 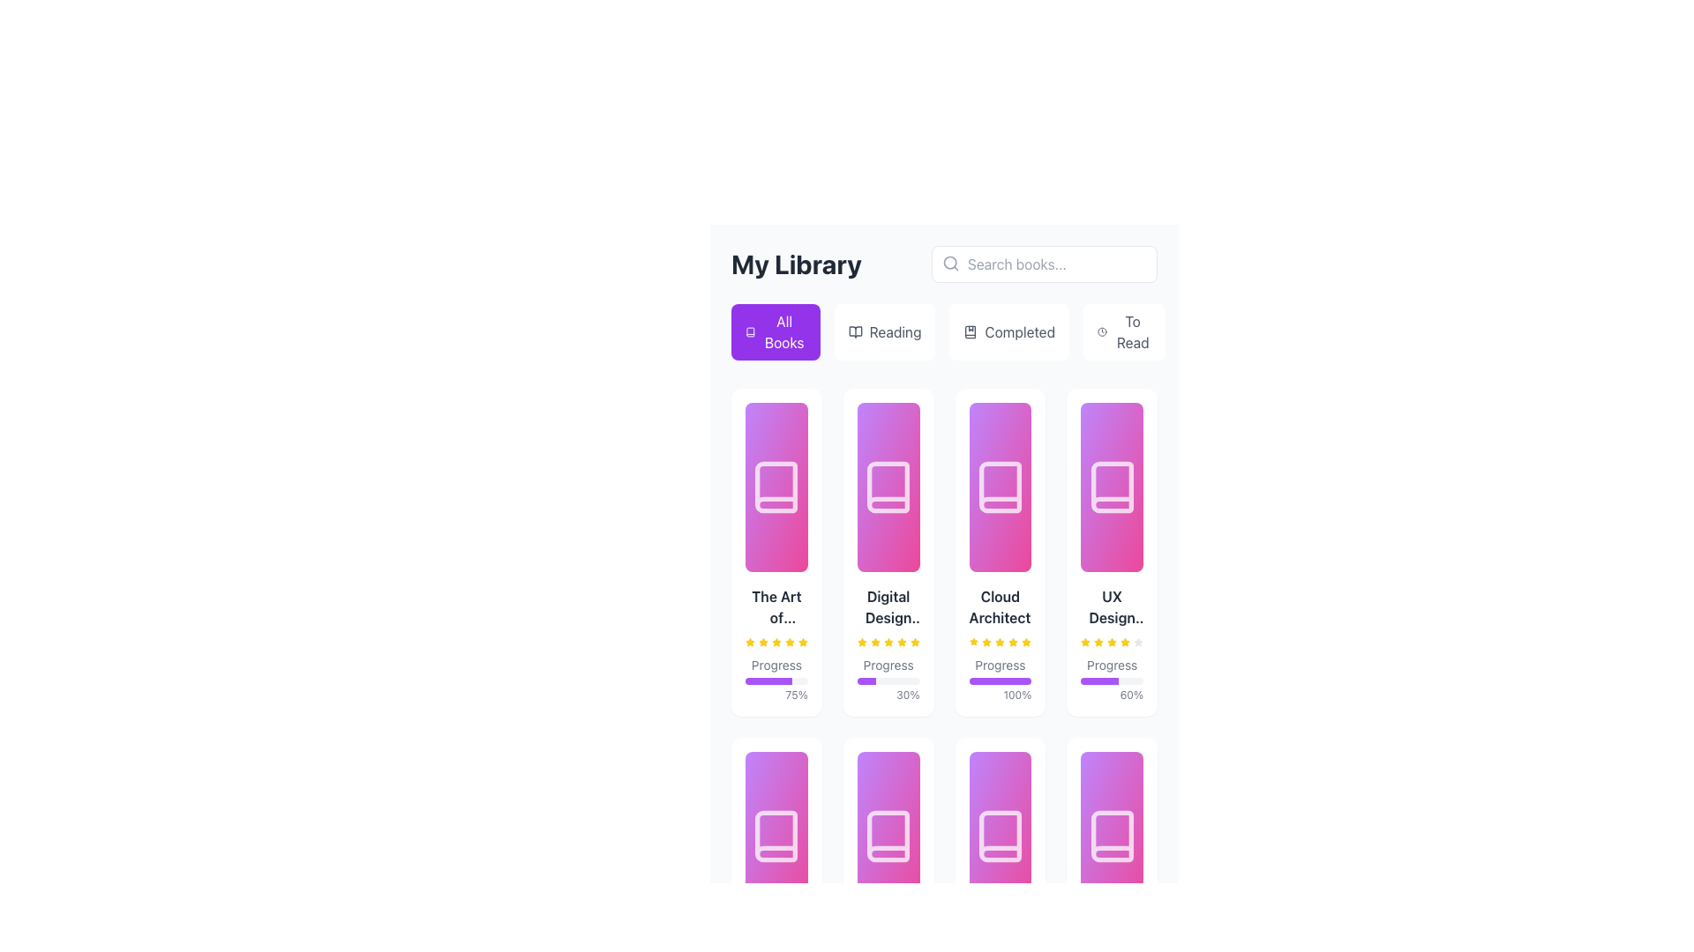 I want to click on the 'Show All Books' button located at the top-left of the button group under the 'My Library' heading, so click(x=776, y=332).